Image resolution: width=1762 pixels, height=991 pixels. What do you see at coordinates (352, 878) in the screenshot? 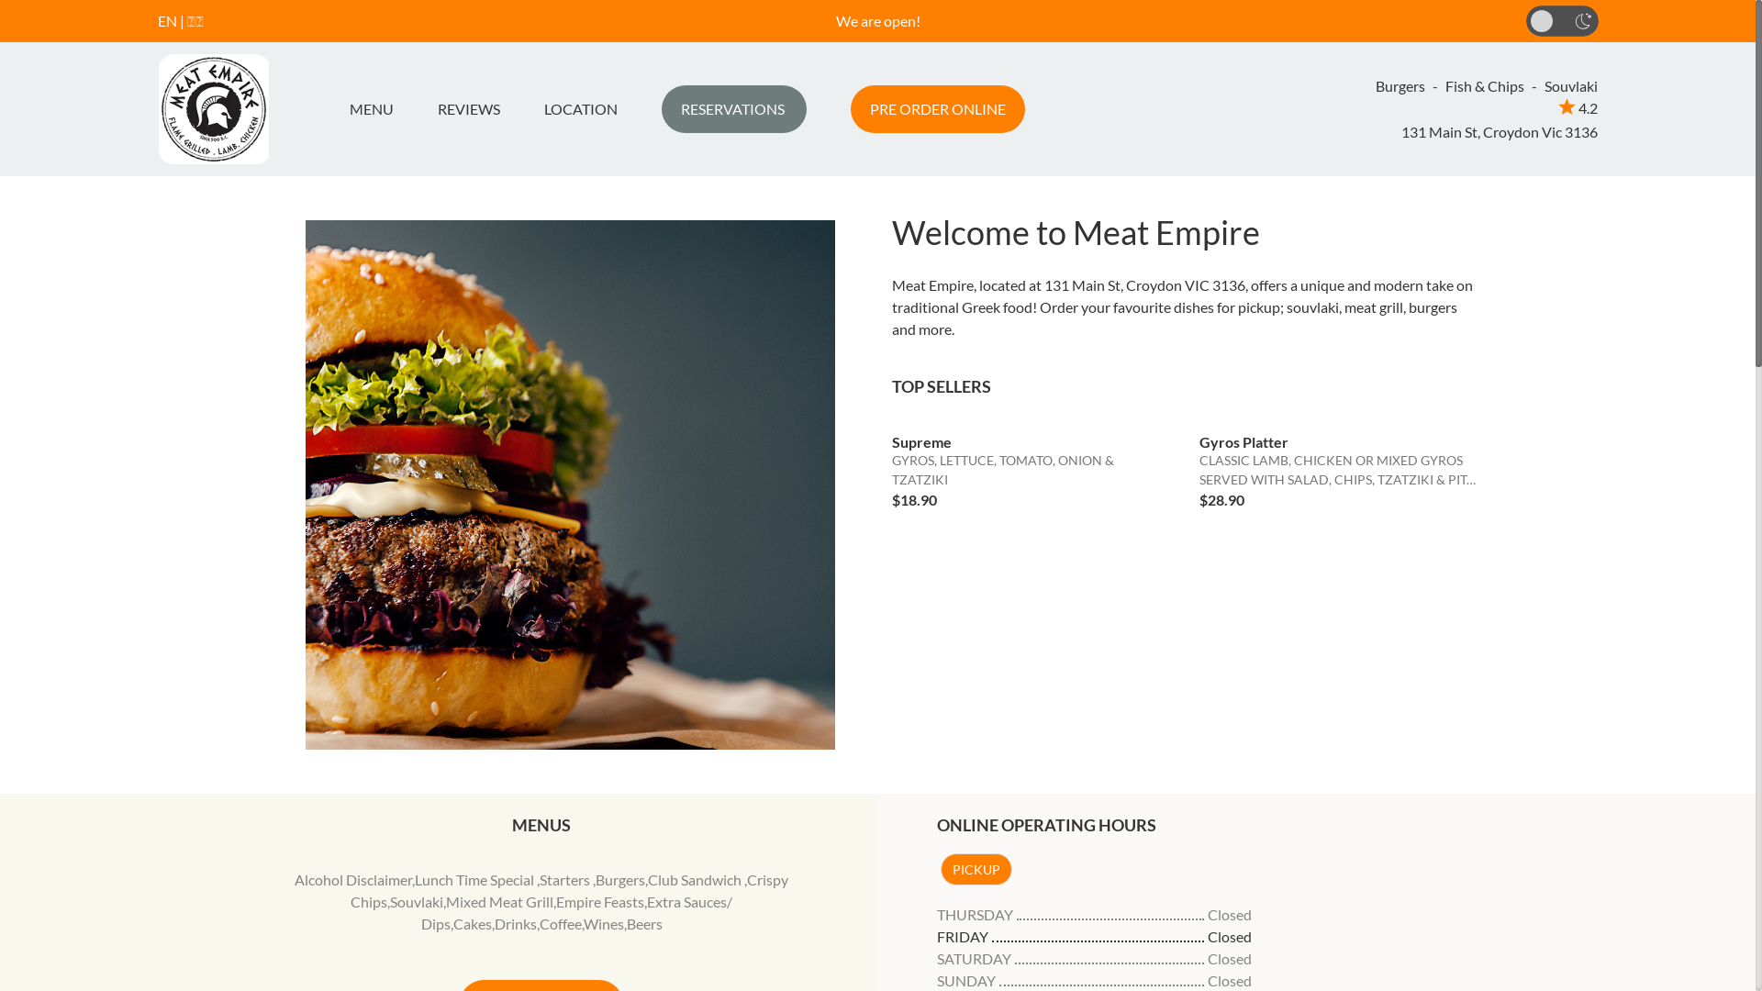
I see `'Alcohol Disclaimer'` at bounding box center [352, 878].